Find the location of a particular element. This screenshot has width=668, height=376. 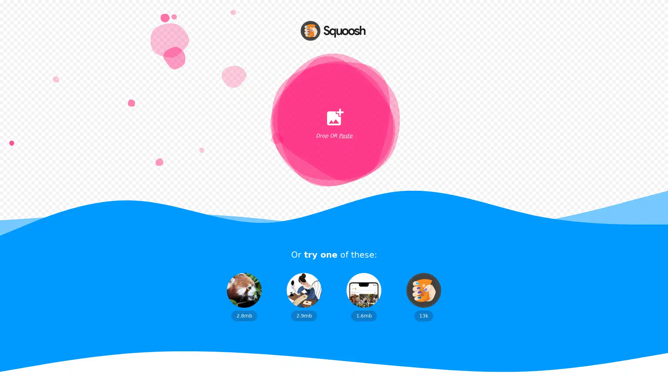

Large photo 2.8mb is located at coordinates (244, 297).